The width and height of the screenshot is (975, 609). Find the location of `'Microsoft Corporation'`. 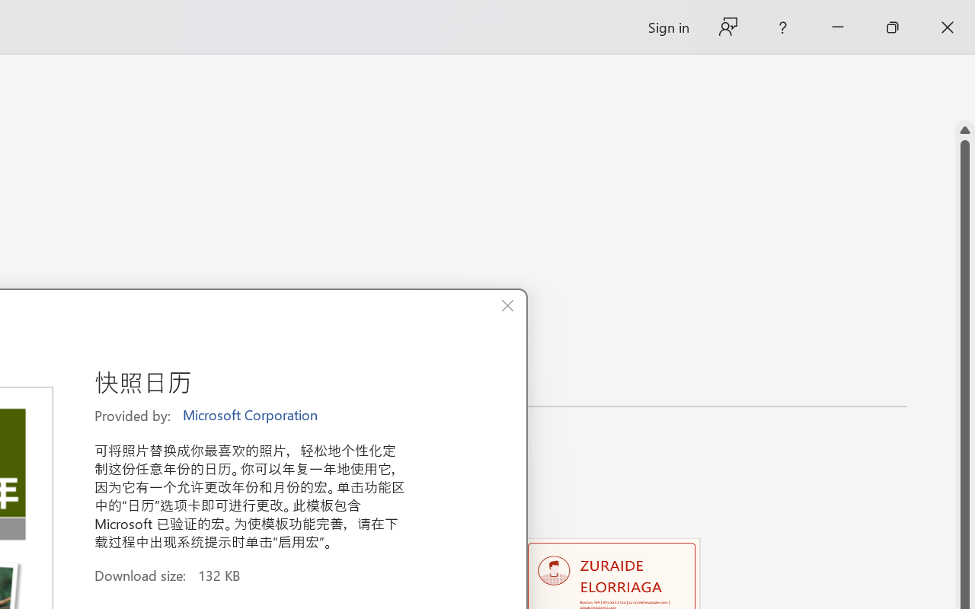

'Microsoft Corporation' is located at coordinates (251, 416).